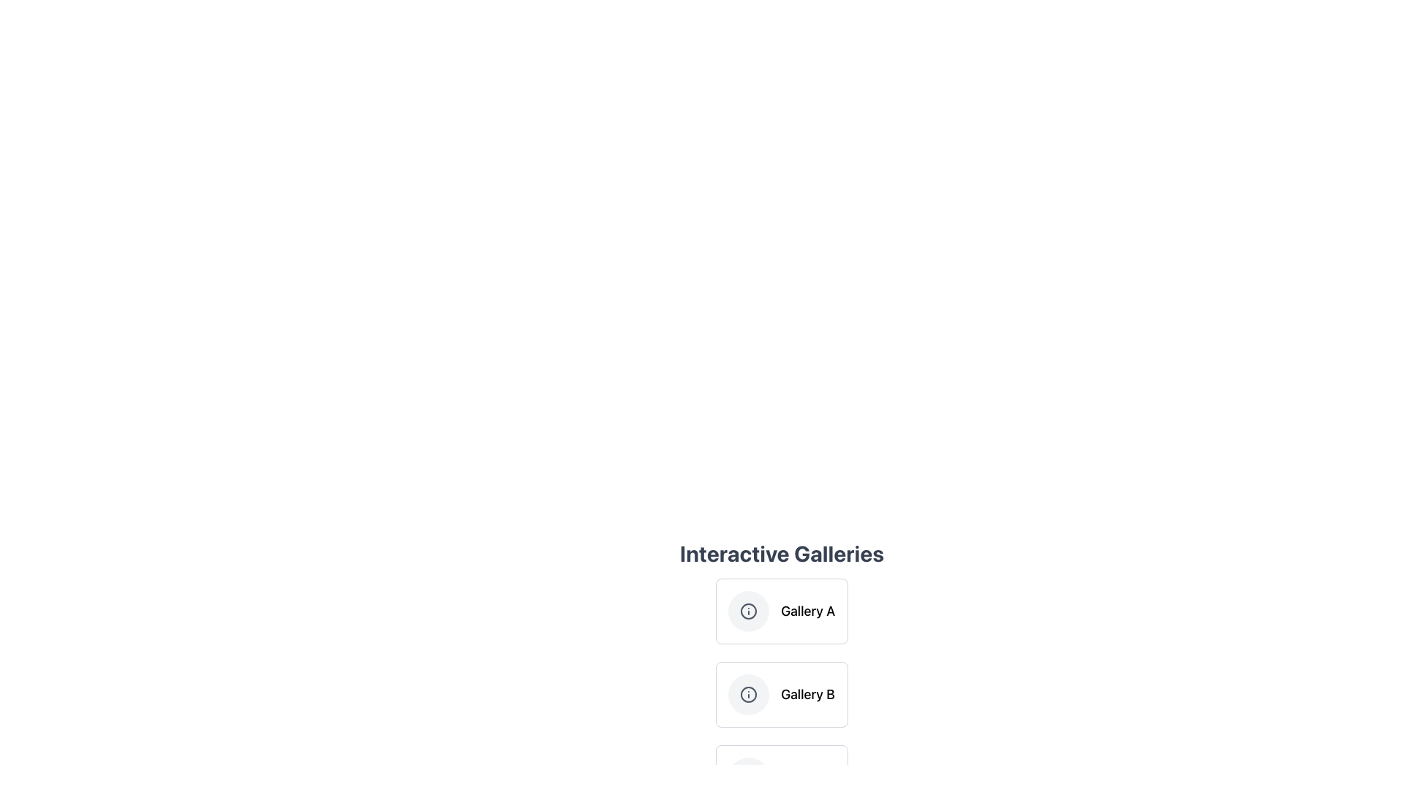 The image size is (1404, 789). I want to click on the central circular component of the information icon, which has a white fill and a dark border, to initiate interactions, so click(748, 611).